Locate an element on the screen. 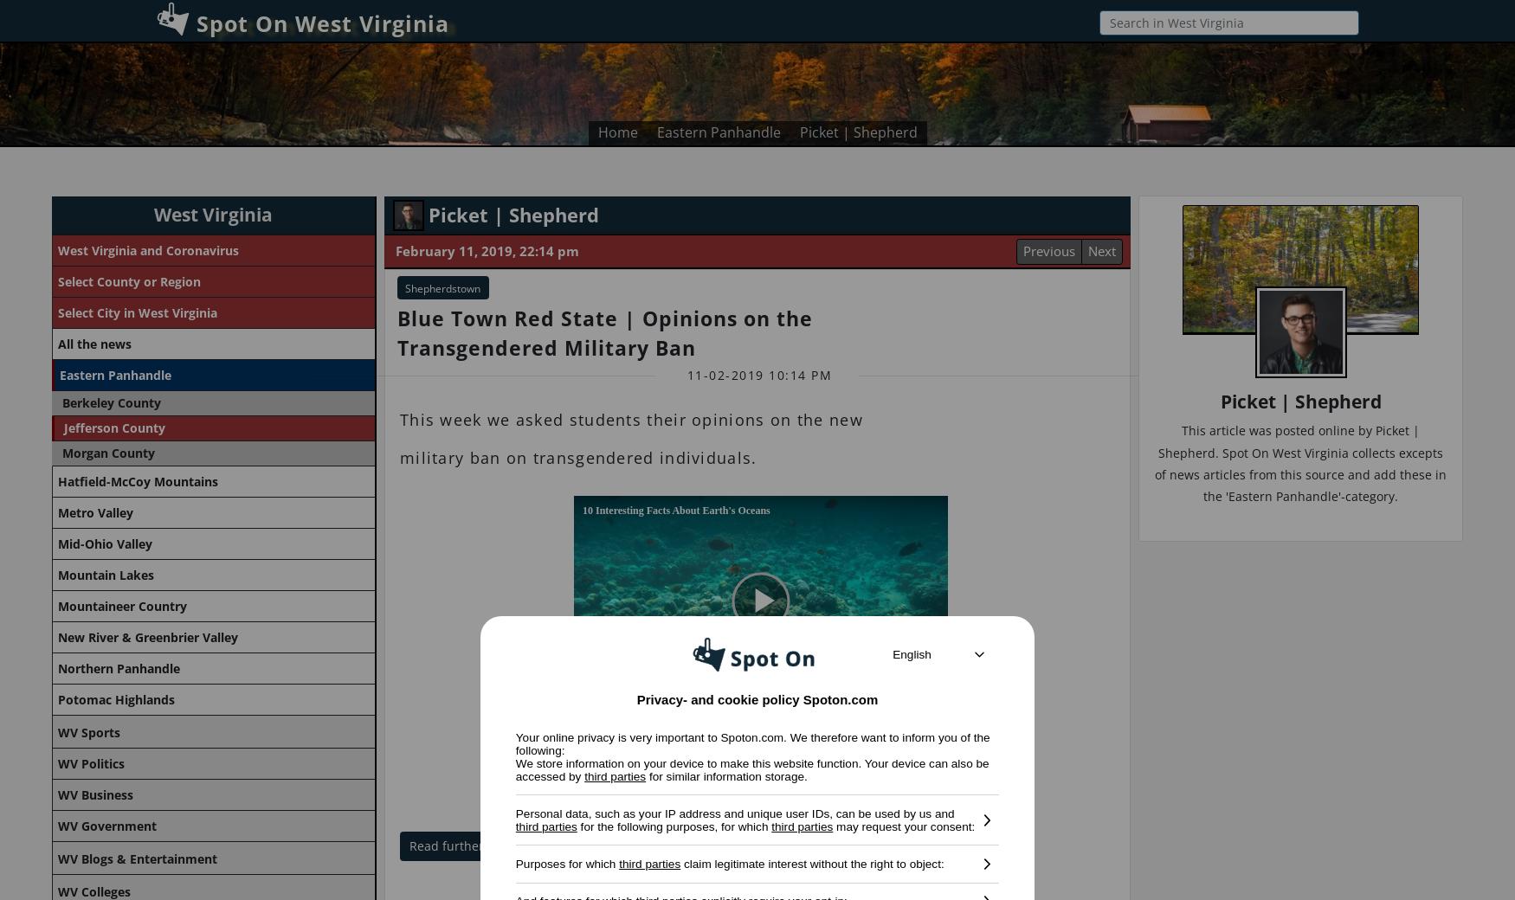  '11-02-2019 10:14 PM' is located at coordinates (757, 375).